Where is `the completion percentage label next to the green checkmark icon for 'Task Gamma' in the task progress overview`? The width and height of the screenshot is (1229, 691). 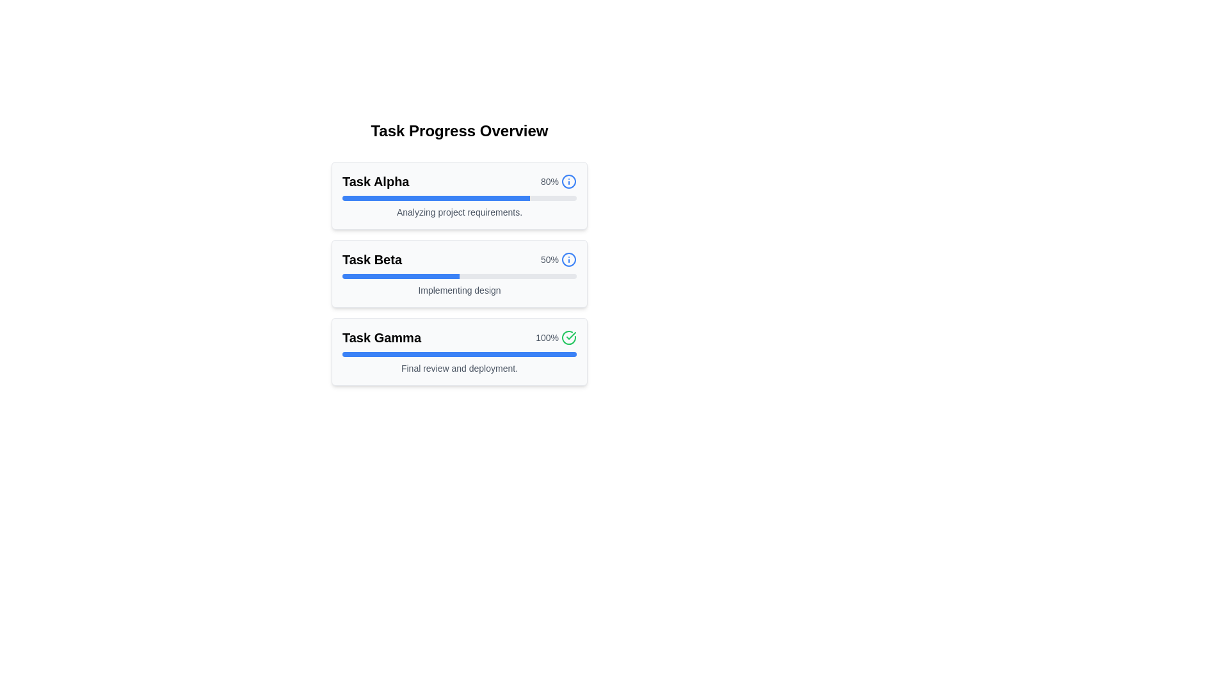
the completion percentage label next to the green checkmark icon for 'Task Gamma' in the task progress overview is located at coordinates (547, 337).